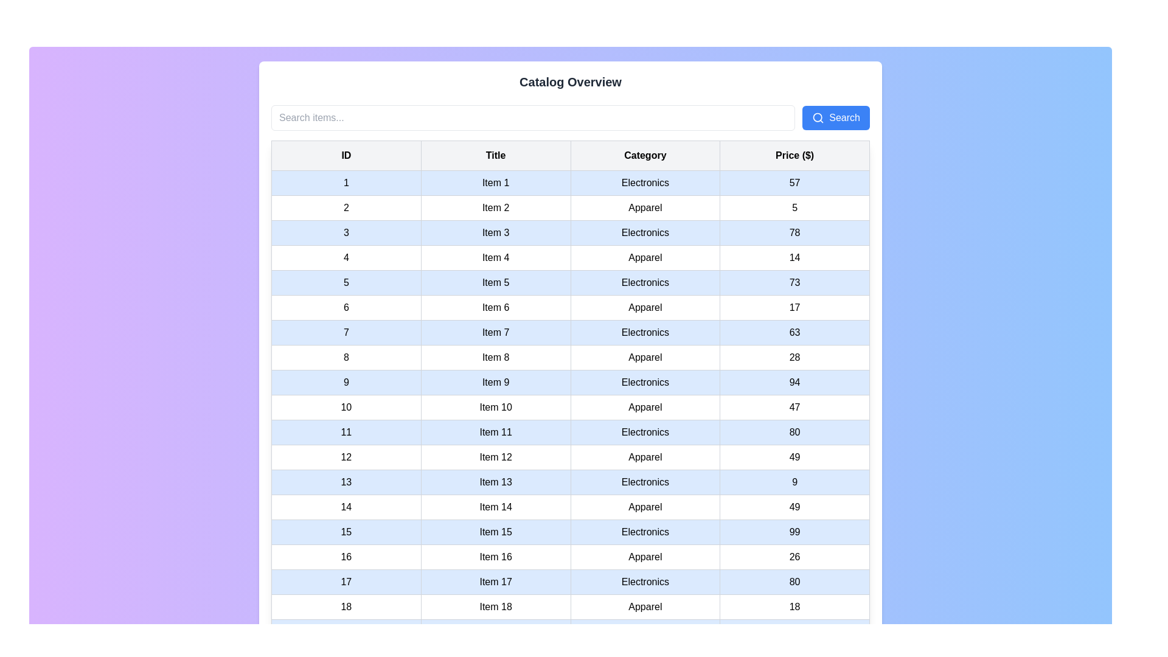  I want to click on the text field displaying 'Item 14' in the blue-highlighted row of the data table, so click(496, 507).